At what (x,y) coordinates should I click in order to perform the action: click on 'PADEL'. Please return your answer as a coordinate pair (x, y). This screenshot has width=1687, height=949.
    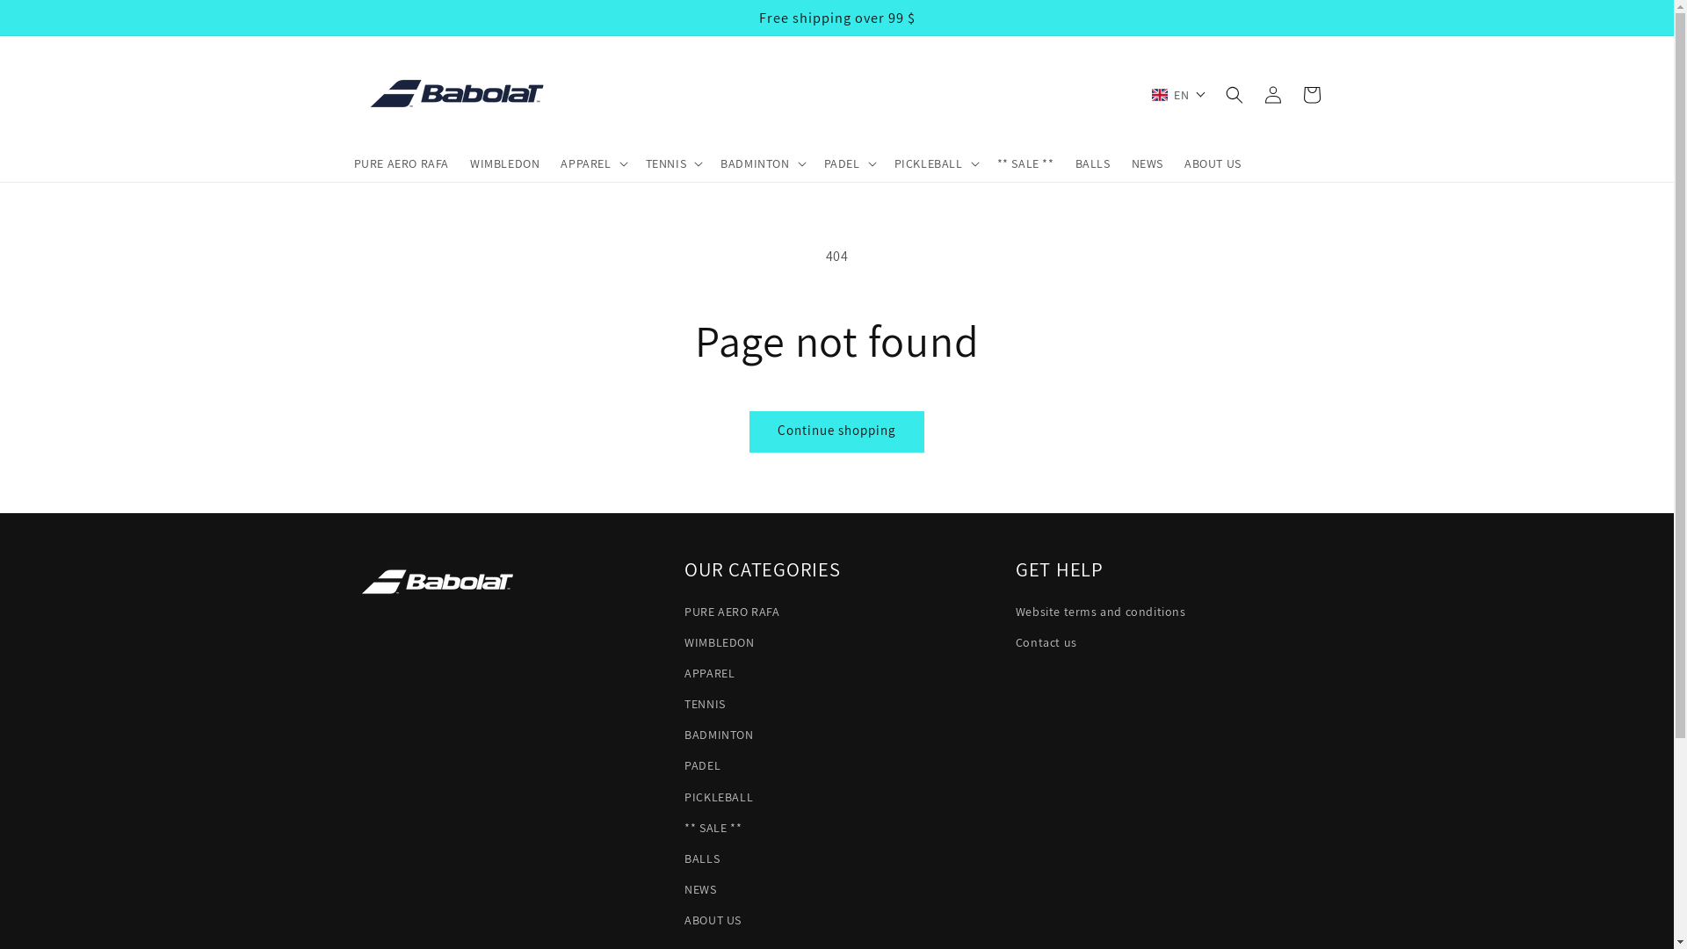
    Looking at the image, I should click on (701, 764).